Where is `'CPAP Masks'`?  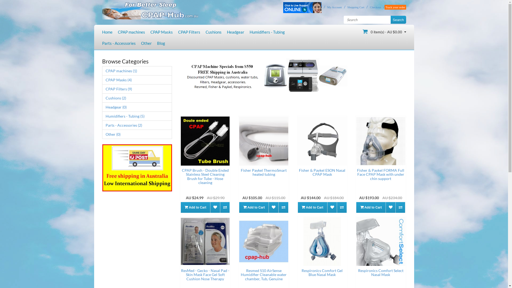 'CPAP Masks' is located at coordinates (161, 32).